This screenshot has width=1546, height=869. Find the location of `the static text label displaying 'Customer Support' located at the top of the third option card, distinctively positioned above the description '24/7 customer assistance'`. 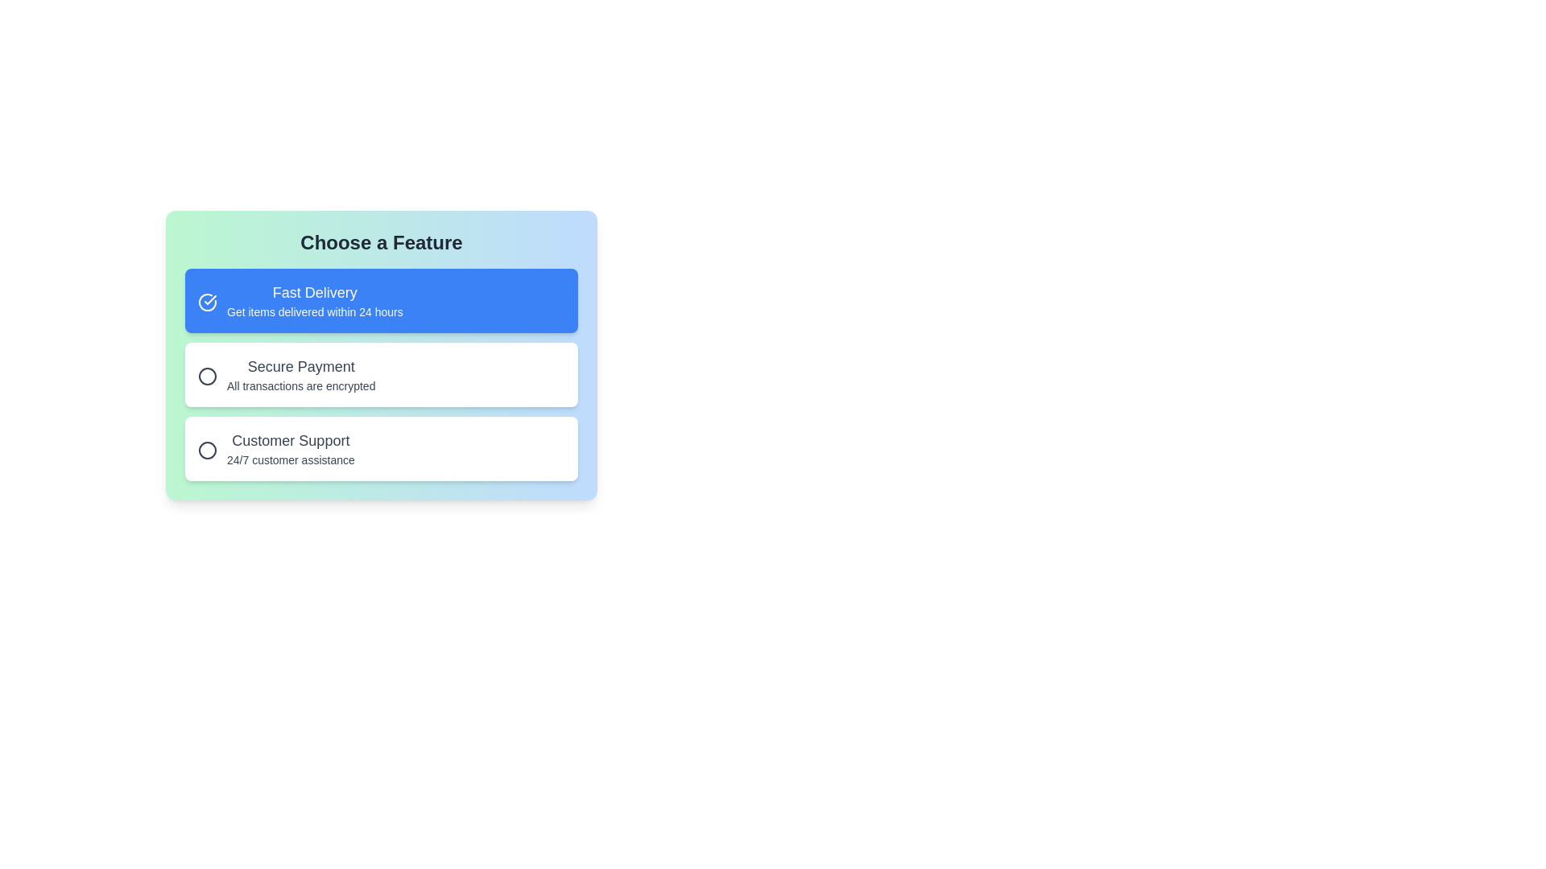

the static text label displaying 'Customer Support' located at the top of the third option card, distinctively positioned above the description '24/7 customer assistance' is located at coordinates (291, 440).